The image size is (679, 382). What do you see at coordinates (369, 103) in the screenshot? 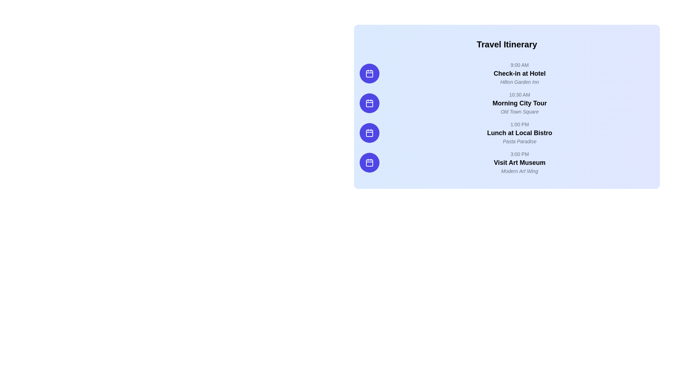
I see `the second calendar icon from the top in the vertical list of similar icons with a white outline on a blue circular background` at bounding box center [369, 103].